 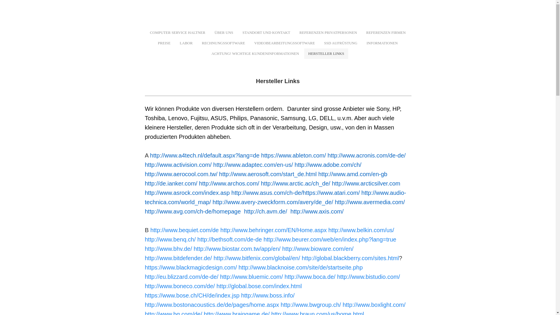 What do you see at coordinates (368, 276) in the screenshot?
I see `'http://www.bistudio.com/'` at bounding box center [368, 276].